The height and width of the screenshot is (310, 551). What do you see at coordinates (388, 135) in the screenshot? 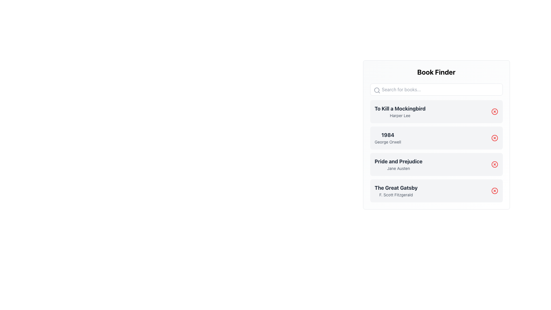
I see `the text label displaying '1984' in bold and large font size` at bounding box center [388, 135].